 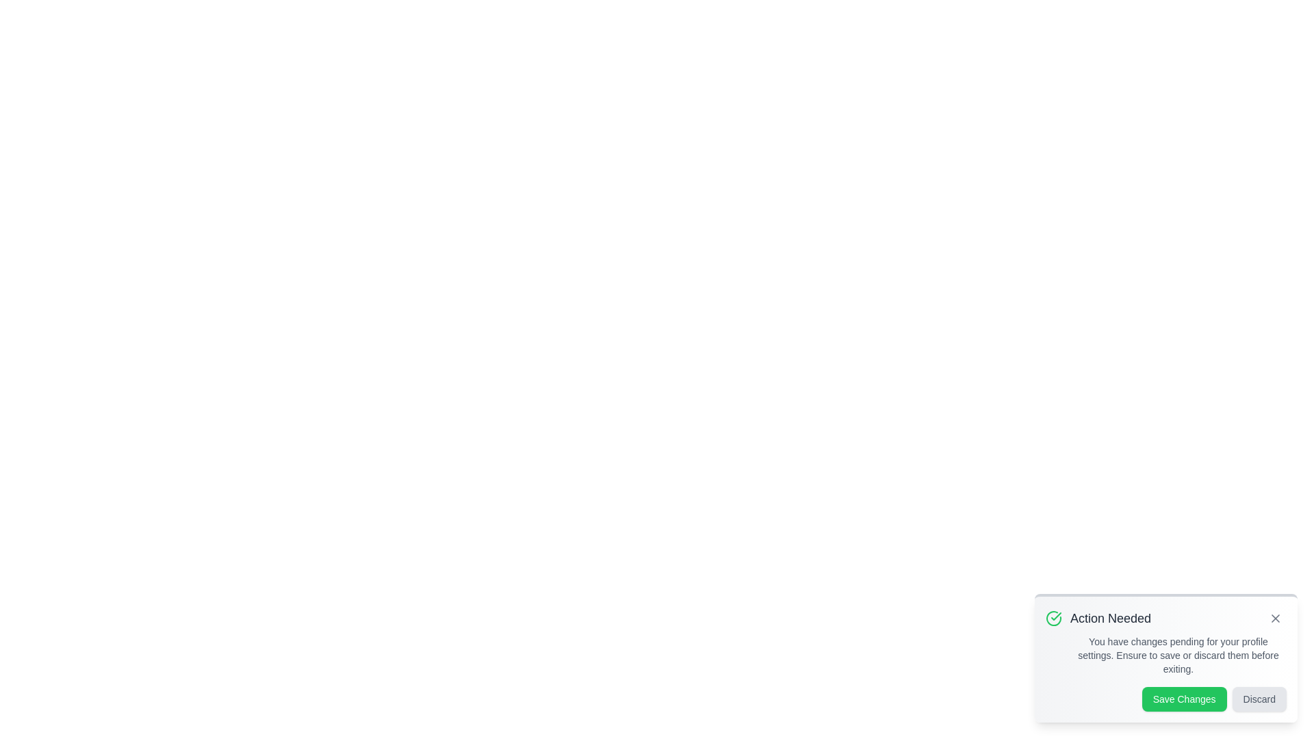 I want to click on 'Discard' button to discard the changes, so click(x=1259, y=699).